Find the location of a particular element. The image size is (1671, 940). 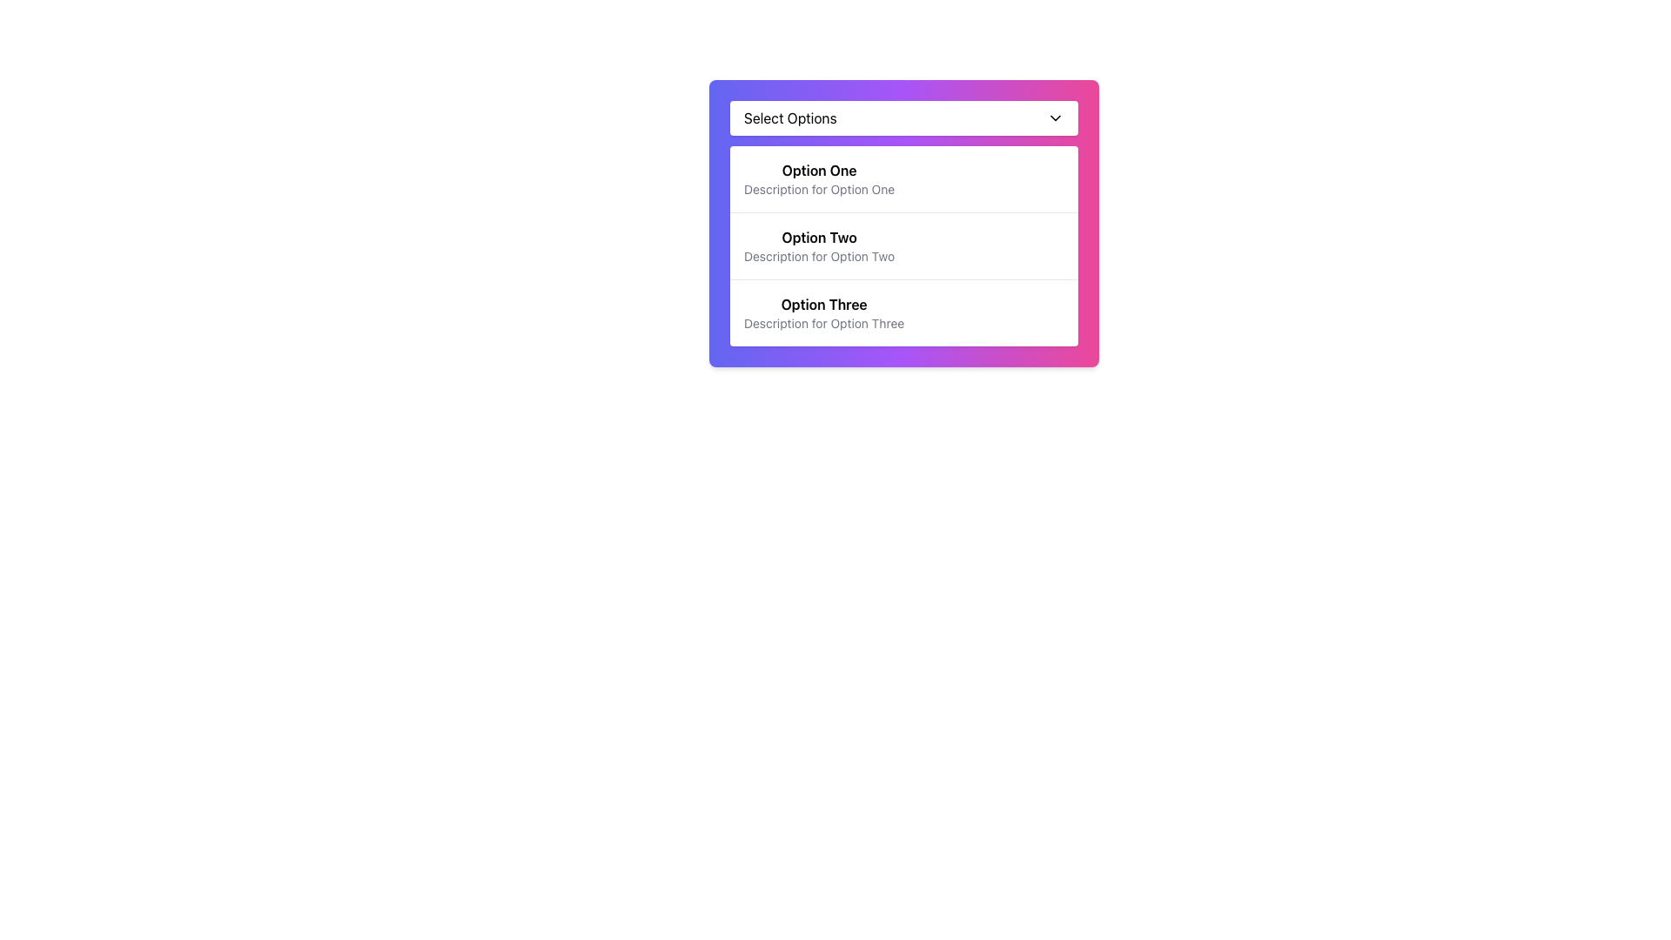

the Text Display that provides additional information about 'Option Three' located directly below the 'Option Three' text in the dropdown menu is located at coordinates (823, 323).